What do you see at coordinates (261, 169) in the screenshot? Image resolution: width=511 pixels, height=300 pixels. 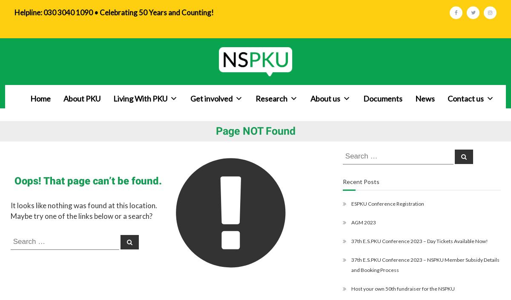 I see `'Guidelines'` at bounding box center [261, 169].